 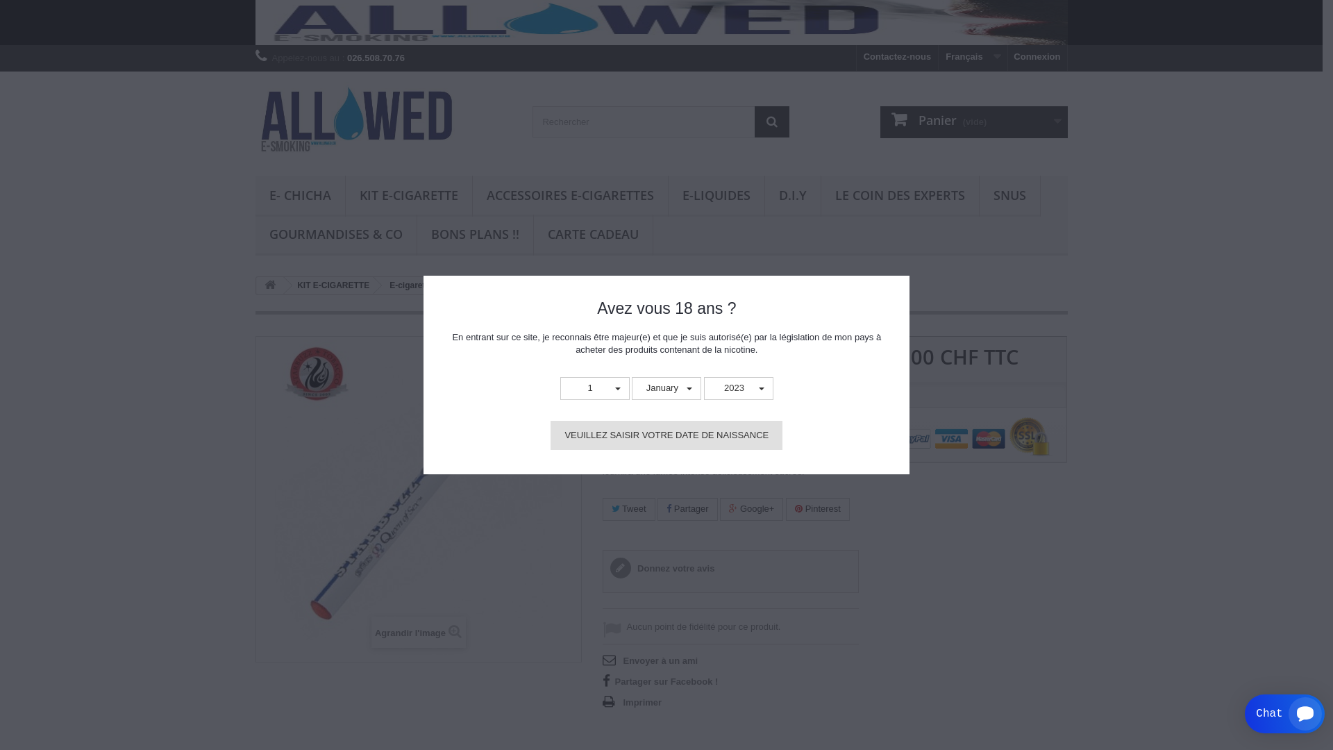 I want to click on 'Partager sur Facebook !', so click(x=660, y=680).